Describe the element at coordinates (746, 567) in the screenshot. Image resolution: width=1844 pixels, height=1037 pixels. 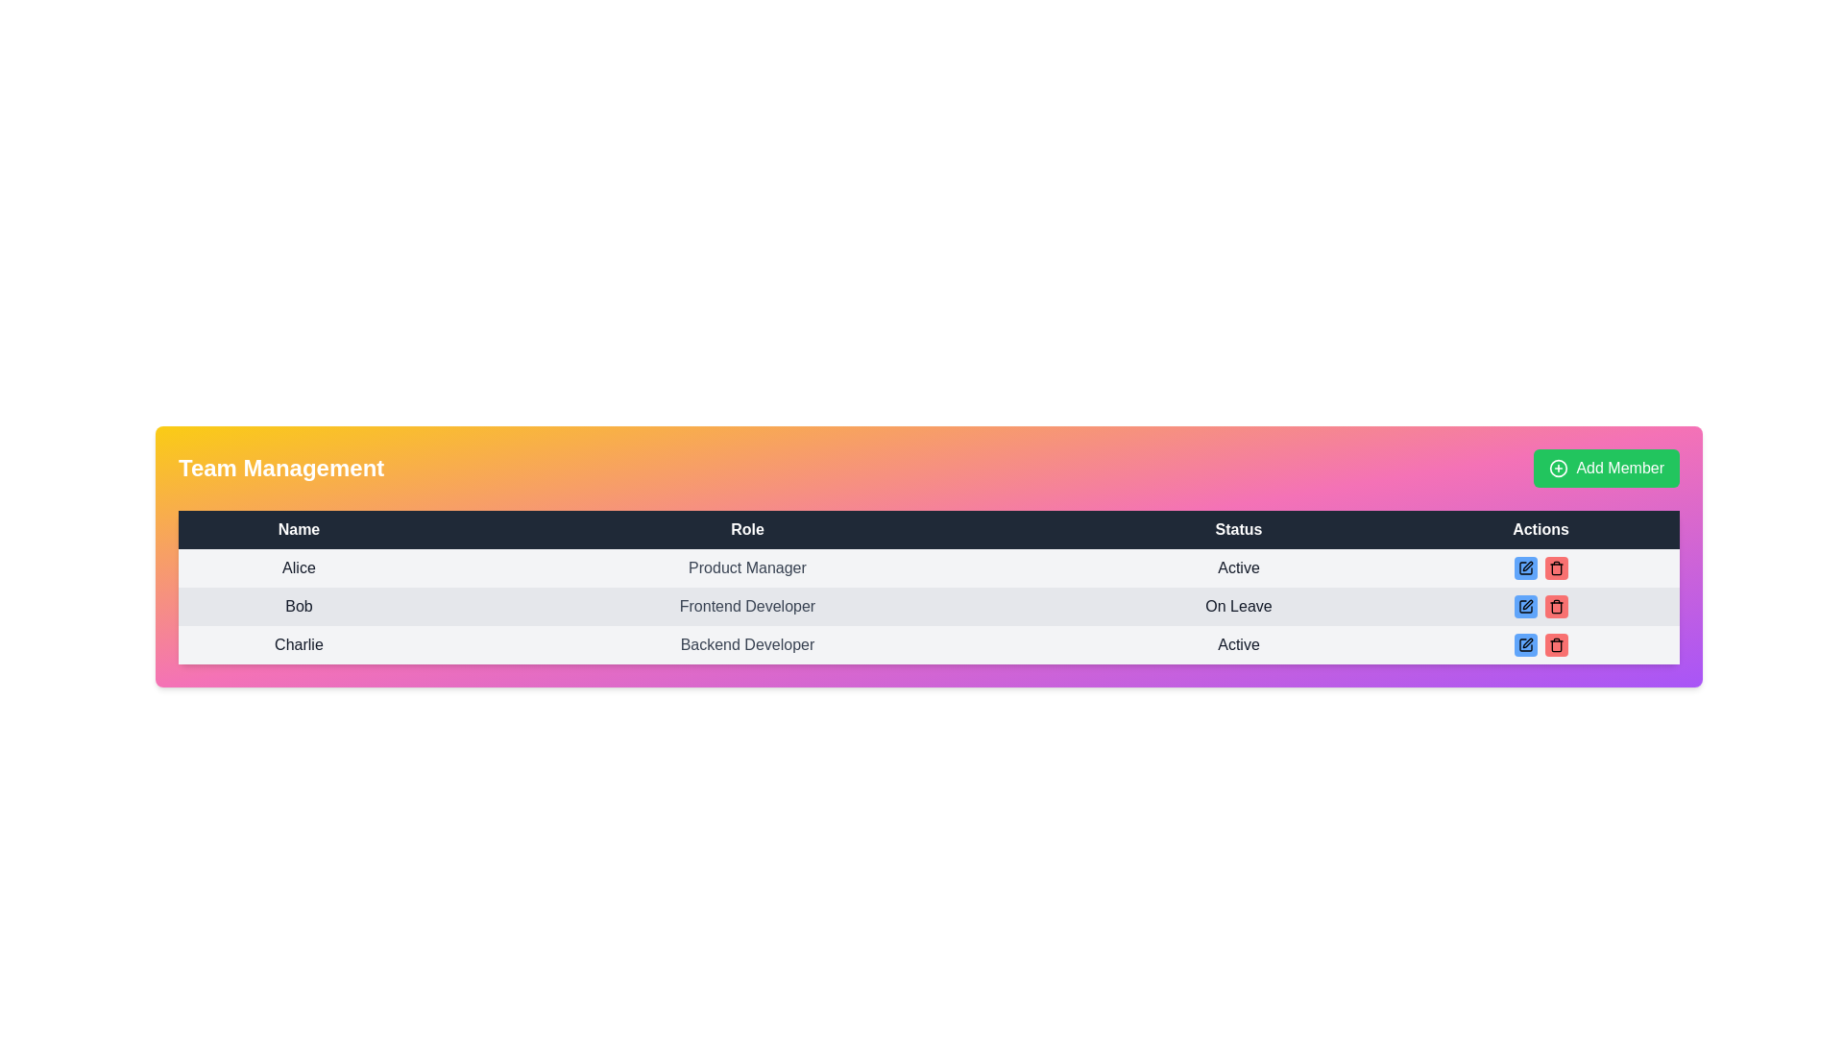
I see `the text element displaying the job role of 'Alice' in the user management table, located in the second column under the 'Role' header` at that location.